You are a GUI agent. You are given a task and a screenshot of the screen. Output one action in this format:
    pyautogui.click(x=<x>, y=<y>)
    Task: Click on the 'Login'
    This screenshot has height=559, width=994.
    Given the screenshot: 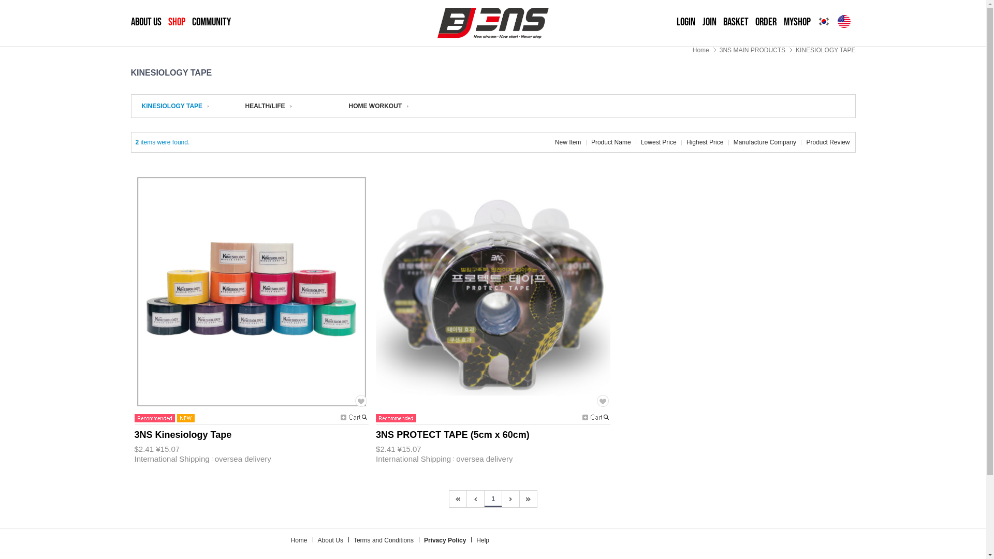 What is the action you would take?
    pyautogui.click(x=685, y=22)
    